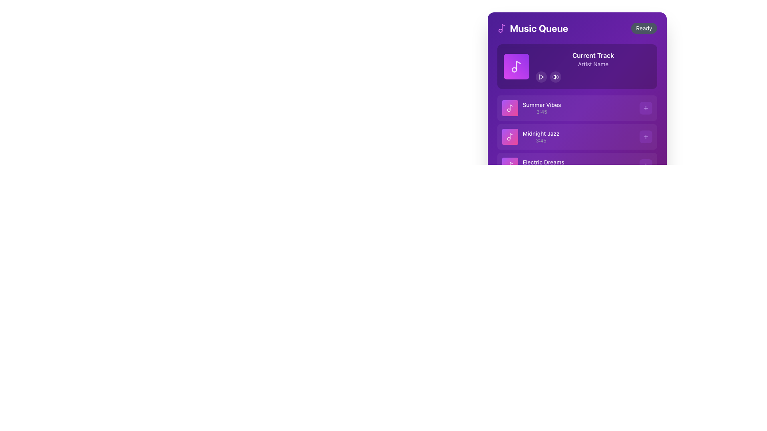 The width and height of the screenshot is (767, 431). I want to click on the 'Summer Vibes' text label element, which is displayed in white font above the smaller gray text '3:45', located in the second row of the playlist interface, so click(542, 108).